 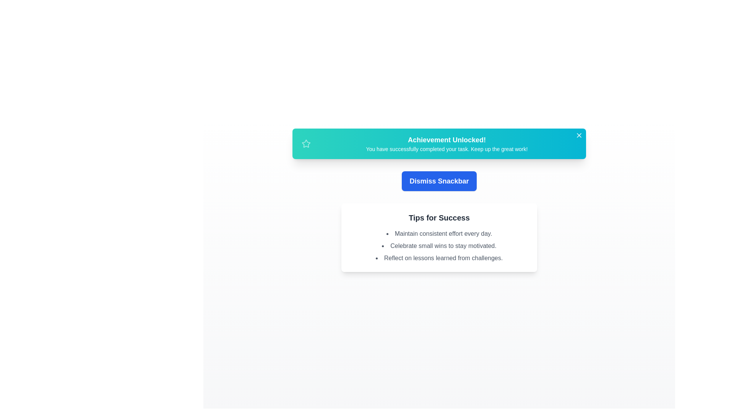 What do you see at coordinates (439, 237) in the screenshot?
I see `the card in the 'Tips for Success' section` at bounding box center [439, 237].